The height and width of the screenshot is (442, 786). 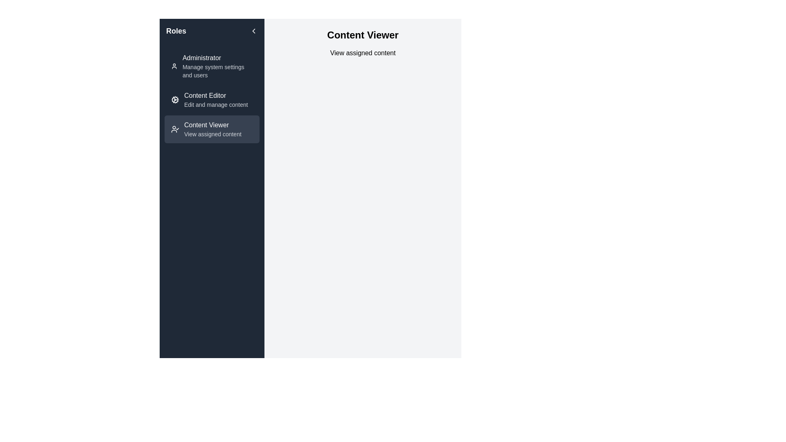 I want to click on the 'Content Editor' text label in the left-hand sidebar, so click(x=216, y=95).